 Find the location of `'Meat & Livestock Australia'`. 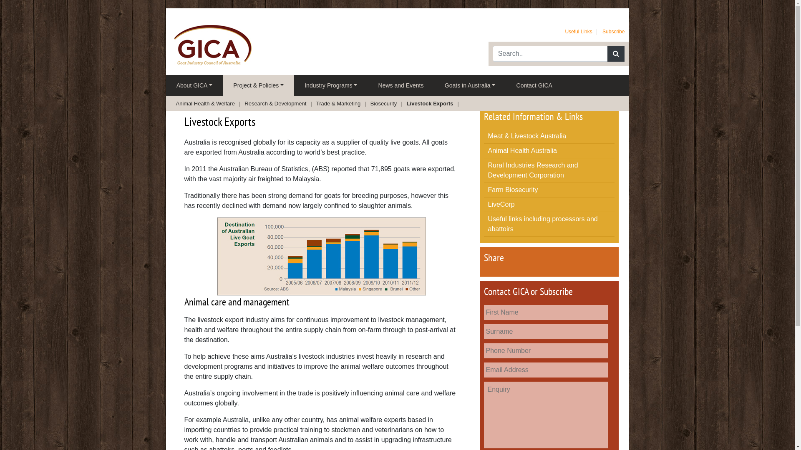

'Meat & Livestock Australia' is located at coordinates (488, 135).